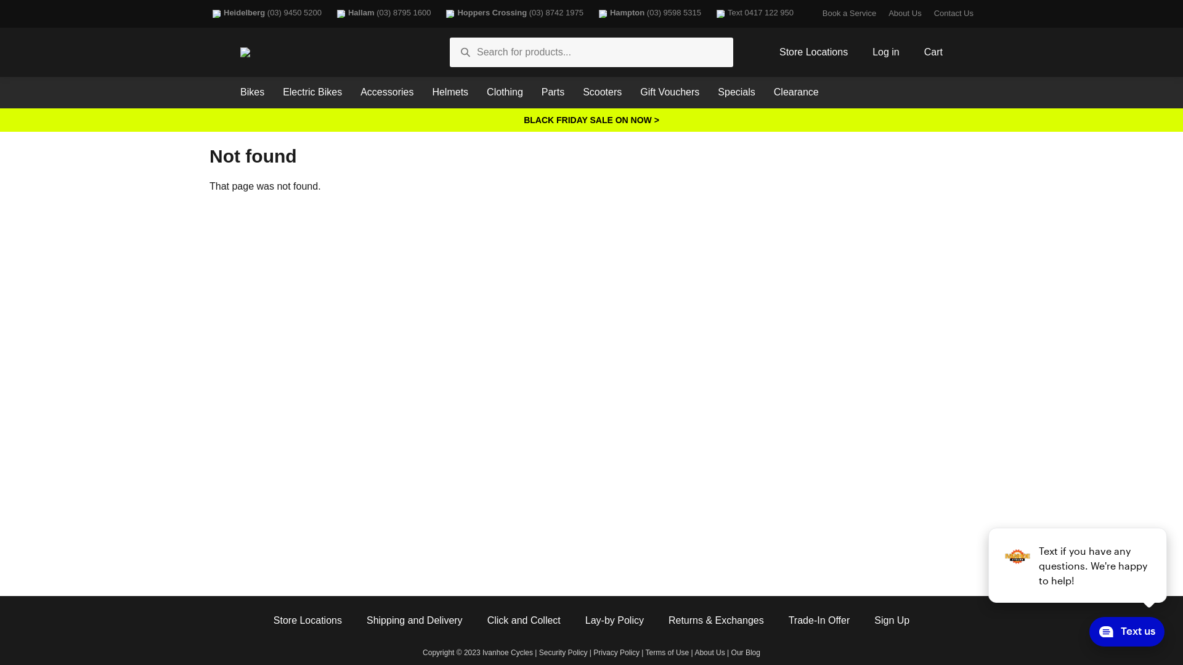  Describe the element at coordinates (813, 52) in the screenshot. I see `'Store Locations'` at that location.